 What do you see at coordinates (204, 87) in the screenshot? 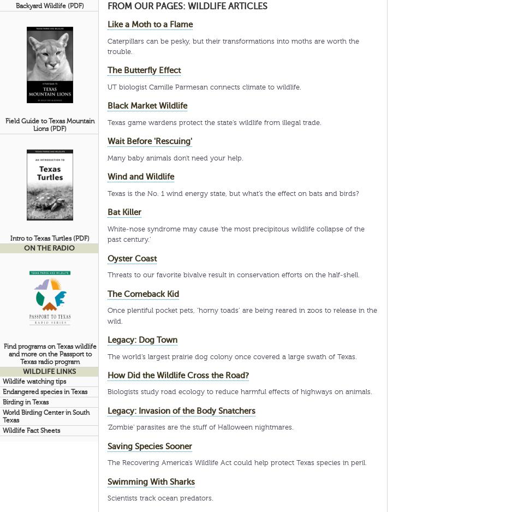
I see `'UT biologist Camille Parmesan connects climate to wildlife.'` at bounding box center [204, 87].